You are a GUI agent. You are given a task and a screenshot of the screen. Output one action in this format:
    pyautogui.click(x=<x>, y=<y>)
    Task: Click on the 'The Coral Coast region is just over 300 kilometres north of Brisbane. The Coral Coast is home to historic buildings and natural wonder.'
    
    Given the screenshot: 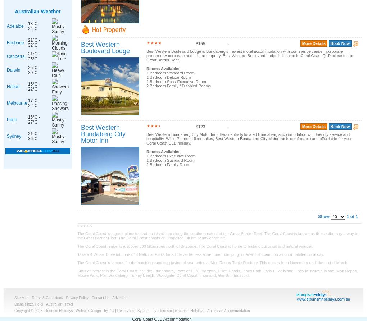 What is the action you would take?
    pyautogui.click(x=77, y=246)
    